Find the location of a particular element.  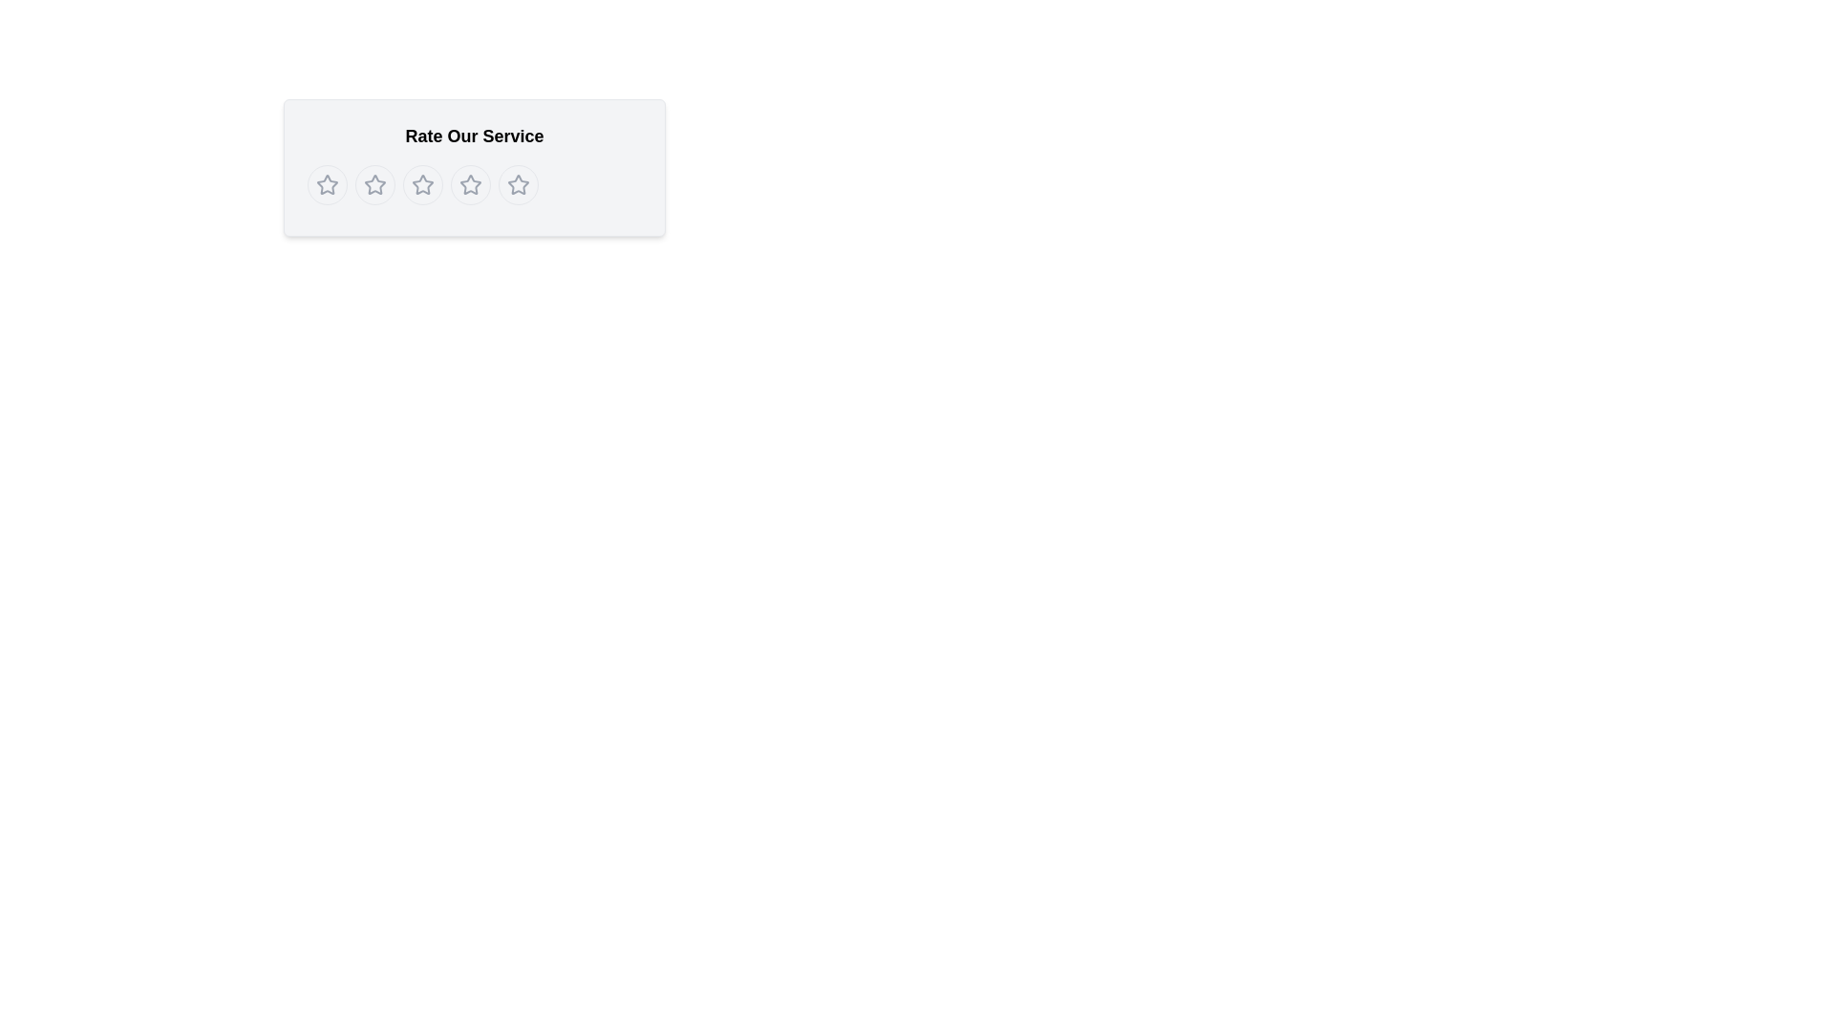

the fourth star icon in the rating system, which has a gray outline and is located under the heading 'Rate Our Service.' is located at coordinates (471, 184).